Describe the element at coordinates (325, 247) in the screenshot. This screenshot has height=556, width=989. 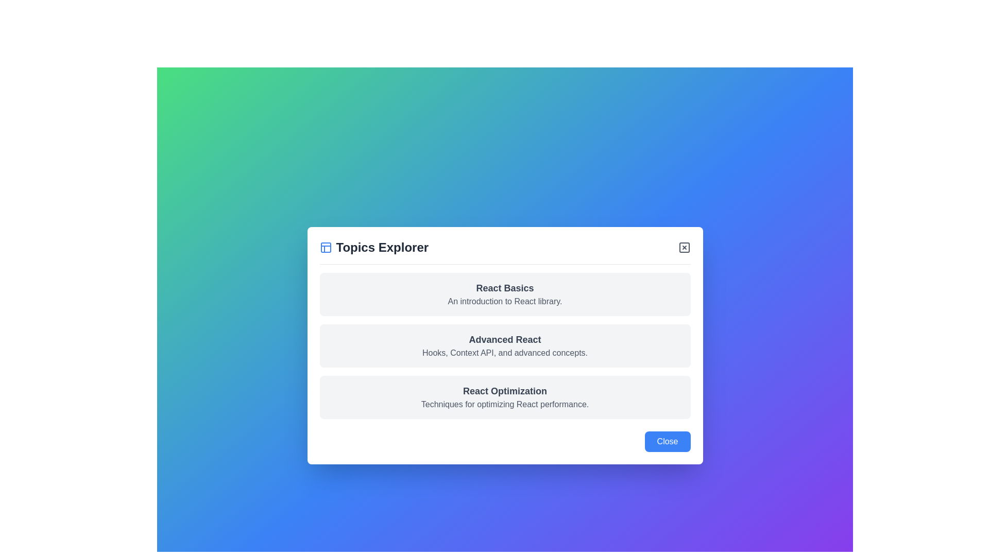
I see `the graphical icon component located in the top-left corner of the modal window` at that location.